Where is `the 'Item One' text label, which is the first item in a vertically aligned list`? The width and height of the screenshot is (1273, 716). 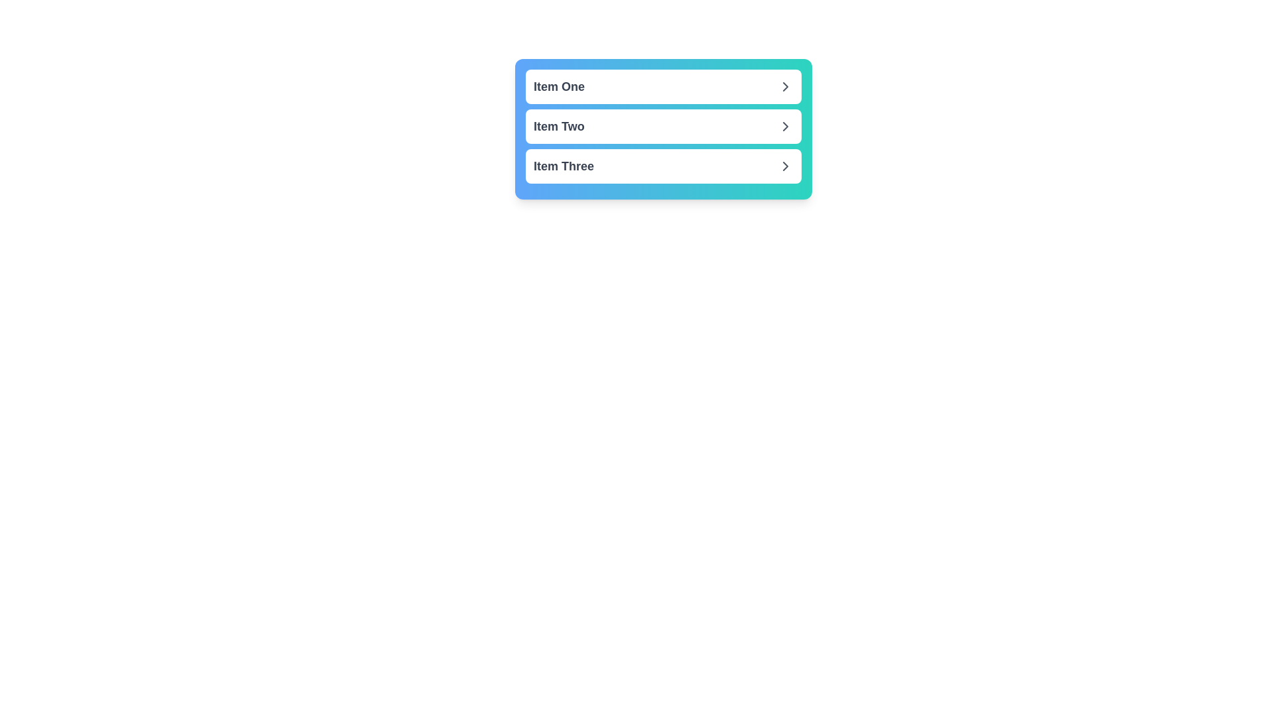 the 'Item One' text label, which is the first item in a vertically aligned list is located at coordinates (559, 87).